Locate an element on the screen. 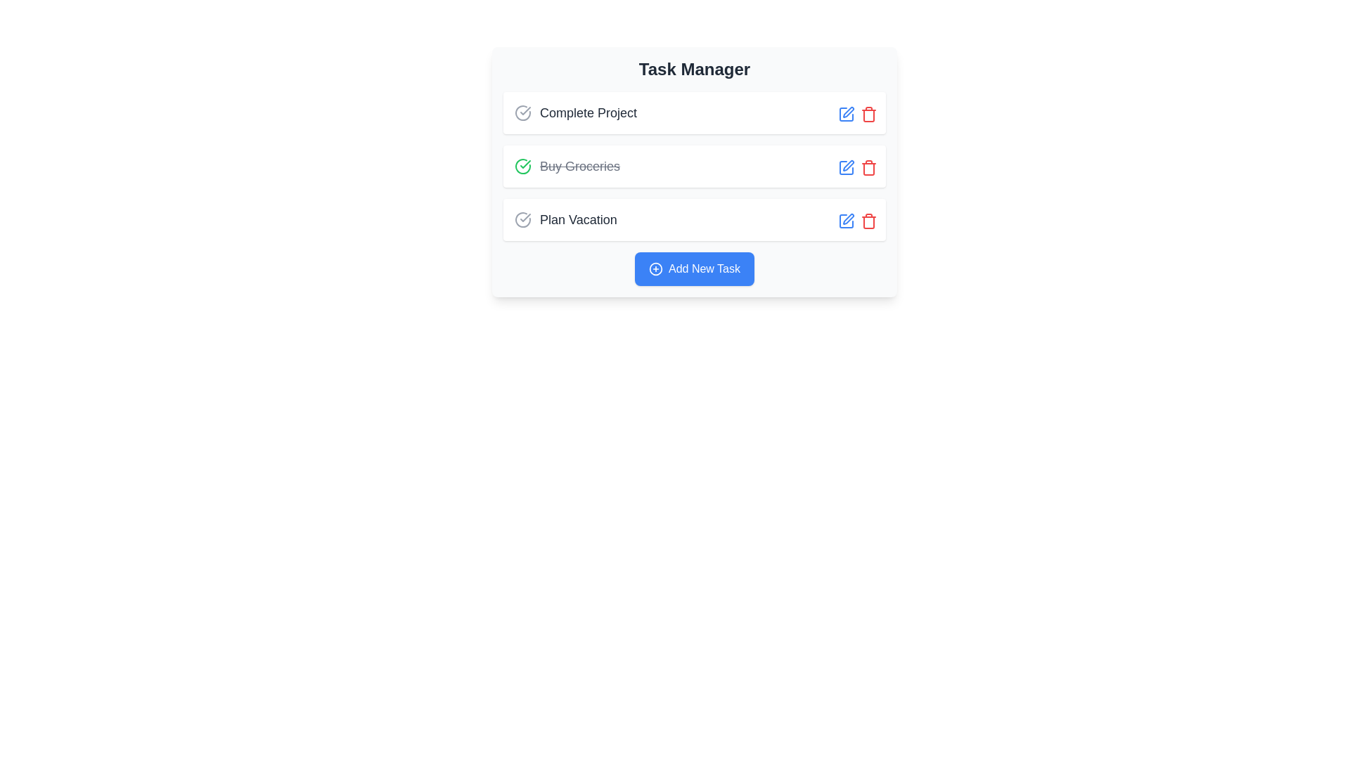 The width and height of the screenshot is (1350, 759). the blue rectangular button labeled 'Add New Task' located at the bottom of the 'Task Manager' section is located at coordinates (695, 268).